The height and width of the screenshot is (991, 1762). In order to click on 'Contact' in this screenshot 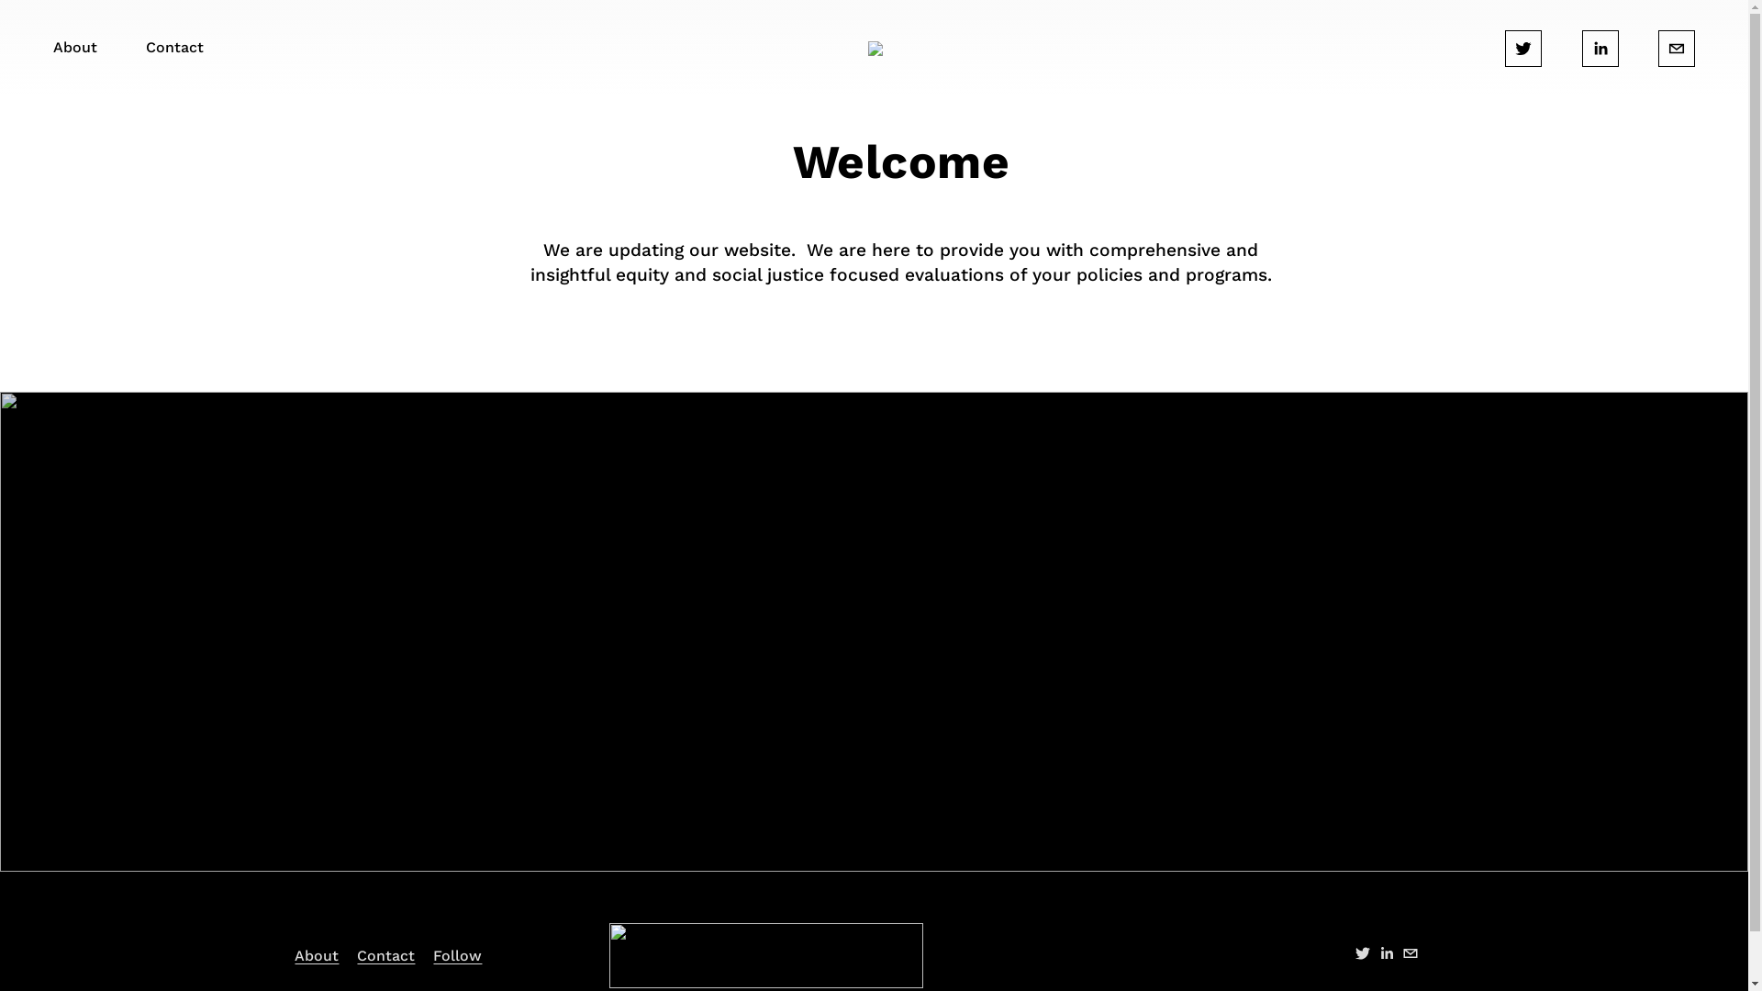, I will do `click(356, 954)`.